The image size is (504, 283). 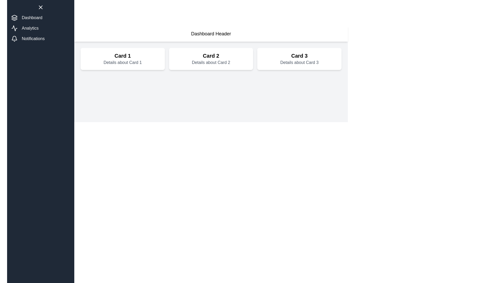 I want to click on the 'Dashboard' menu icon located at the top of the vertical sidebar to the left of the text 'Dashboard', so click(x=14, y=18).